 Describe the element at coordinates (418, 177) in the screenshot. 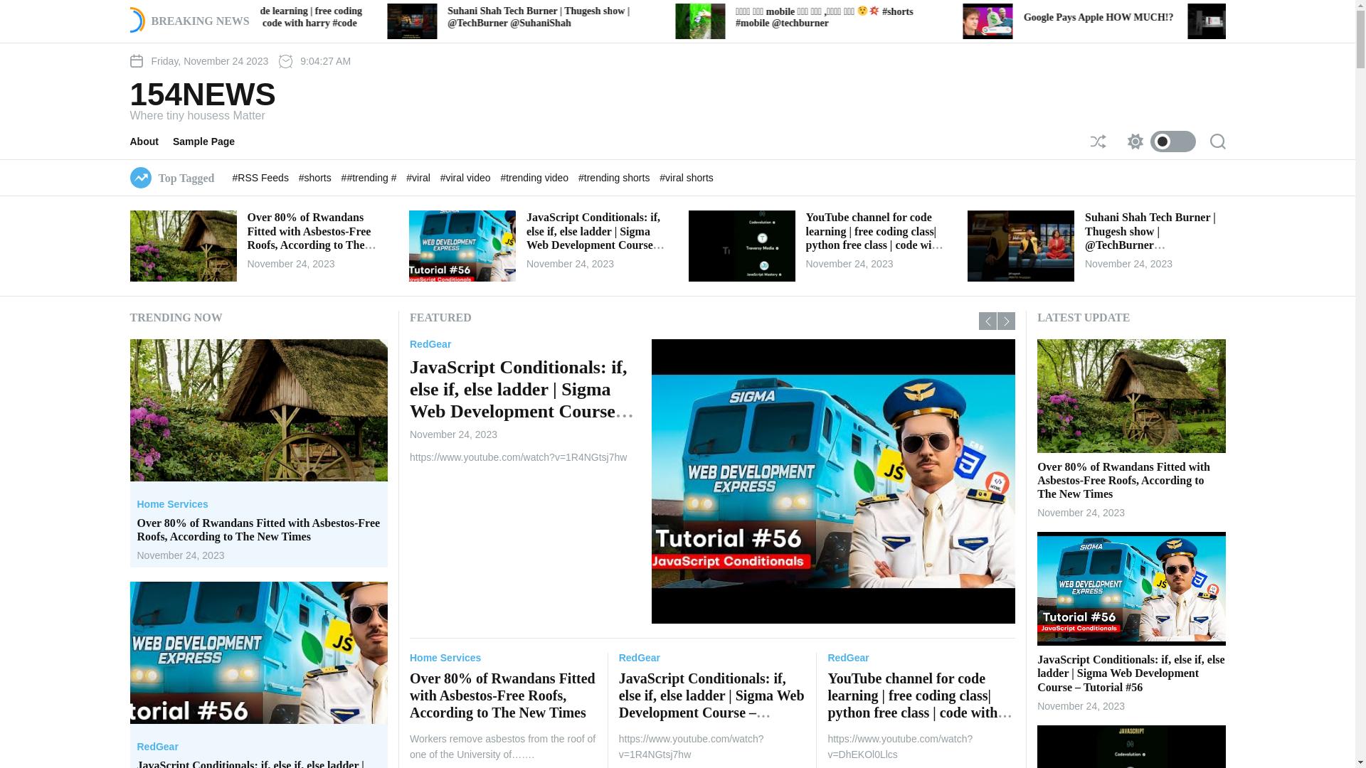

I see `'#viral'` at that location.